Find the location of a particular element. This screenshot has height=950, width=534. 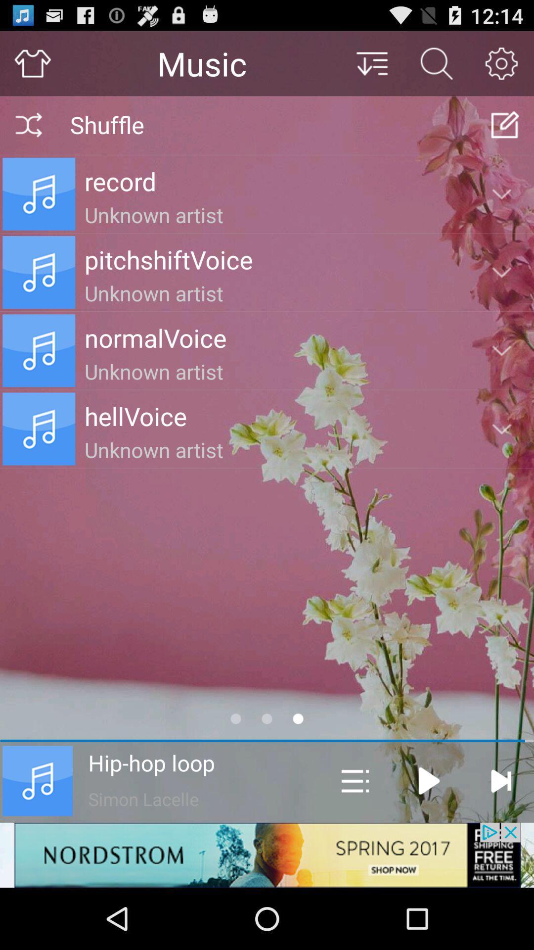

the filter_list icon is located at coordinates (371, 67).